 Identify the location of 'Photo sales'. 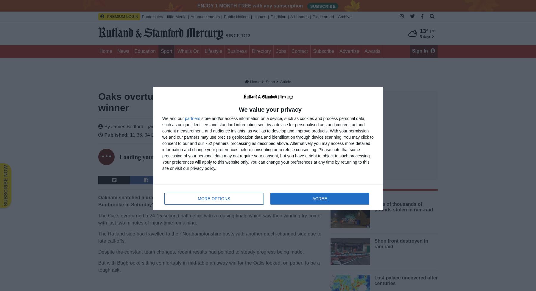
(152, 17).